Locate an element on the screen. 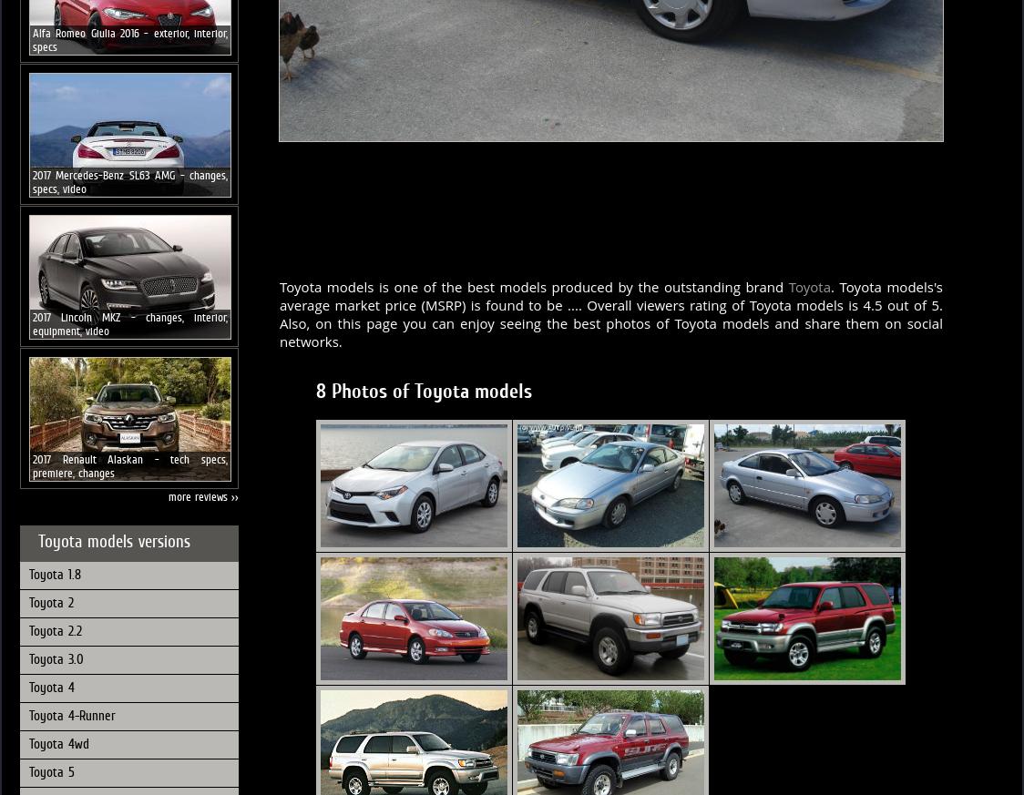 This screenshot has width=1024, height=795. 'Toyota models is one of the best models produced by the outstanding brand' is located at coordinates (533, 286).